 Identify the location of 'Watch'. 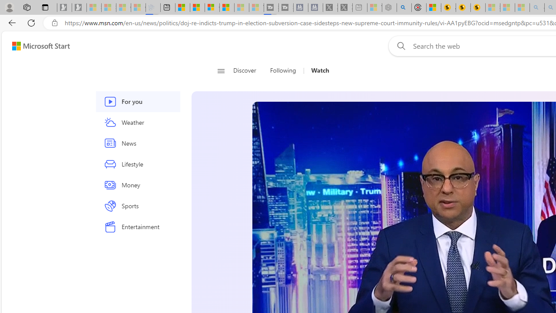
(320, 70).